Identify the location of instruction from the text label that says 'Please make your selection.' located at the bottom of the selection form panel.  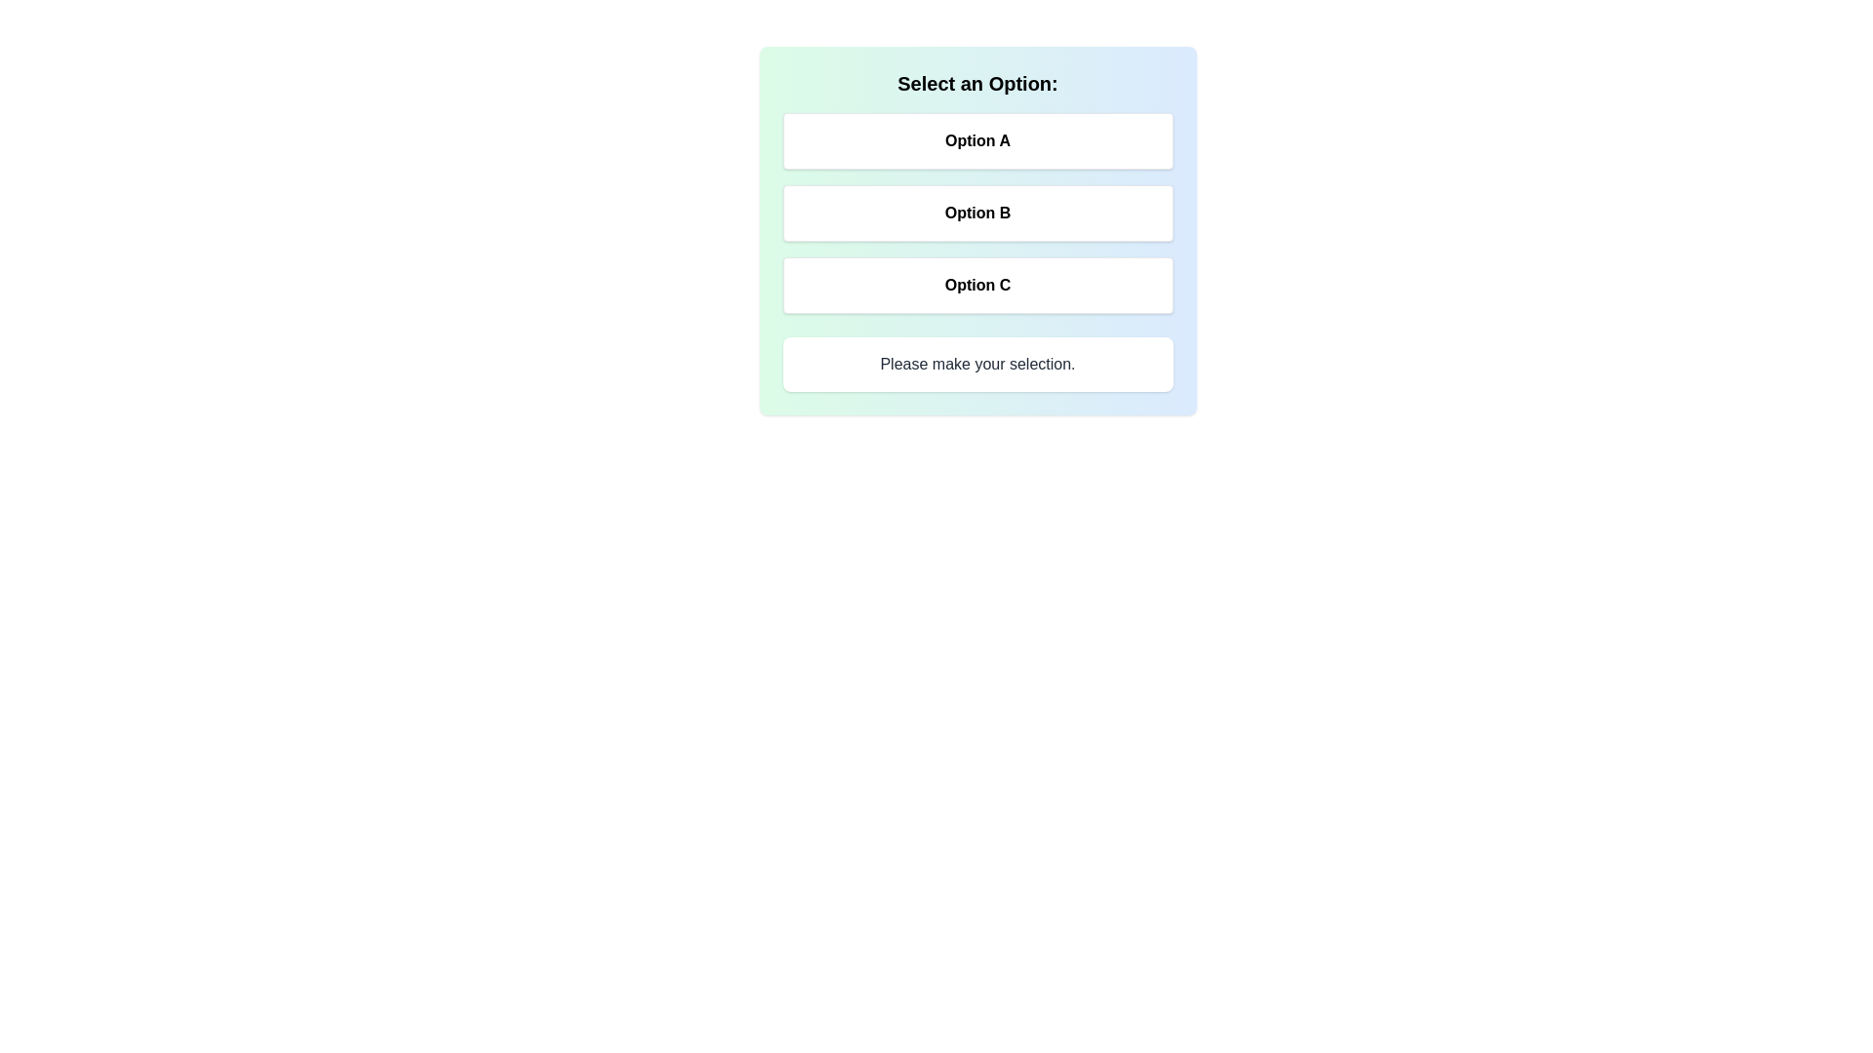
(977, 365).